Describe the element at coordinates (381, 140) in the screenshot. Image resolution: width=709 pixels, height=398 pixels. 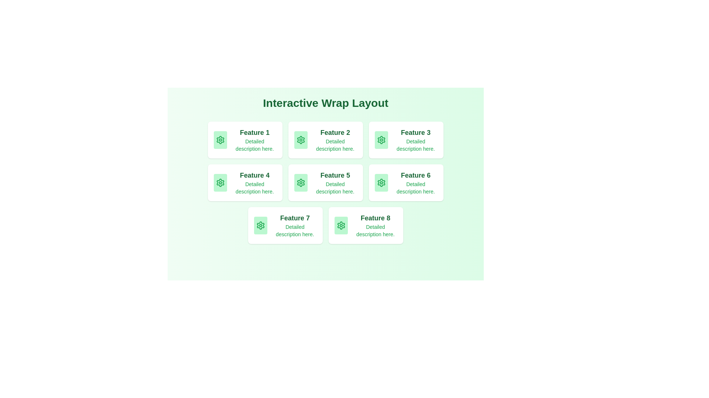
I see `settings icon located within the icon area of the third feature in the top row of the grid` at that location.